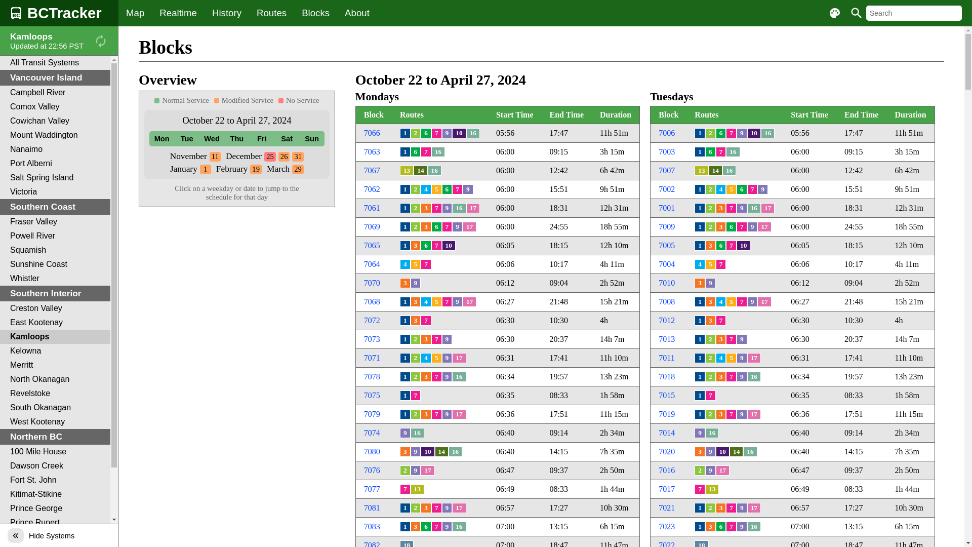  Describe the element at coordinates (371, 301) in the screenshot. I see `'7068'` at that location.